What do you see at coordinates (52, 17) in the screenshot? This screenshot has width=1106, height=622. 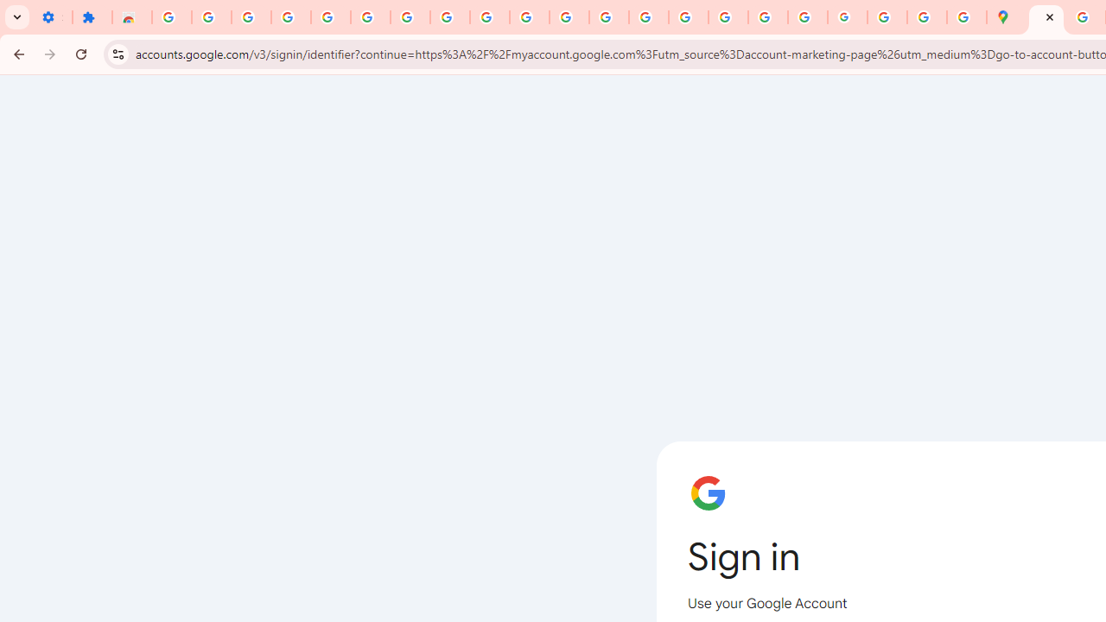 I see `'Settings - On startup'` at bounding box center [52, 17].